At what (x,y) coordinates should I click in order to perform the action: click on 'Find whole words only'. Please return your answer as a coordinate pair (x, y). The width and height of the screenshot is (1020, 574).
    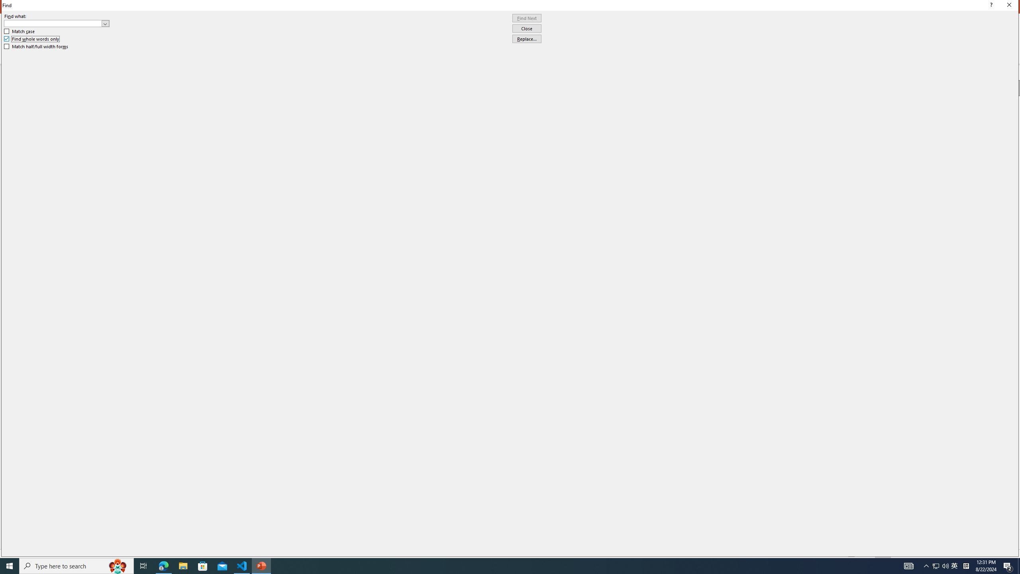
    Looking at the image, I should click on (32, 38).